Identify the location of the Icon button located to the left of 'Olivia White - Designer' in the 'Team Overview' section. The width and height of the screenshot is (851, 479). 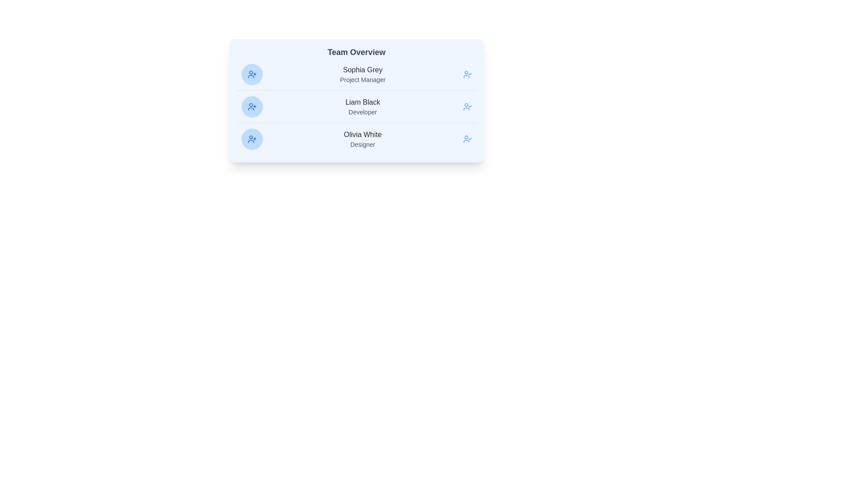
(251, 139).